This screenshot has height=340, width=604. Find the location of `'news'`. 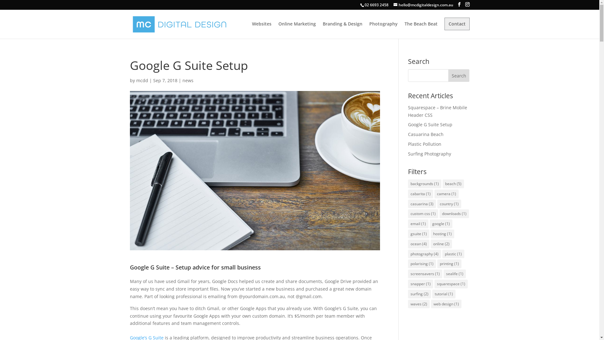

'news' is located at coordinates (187, 80).